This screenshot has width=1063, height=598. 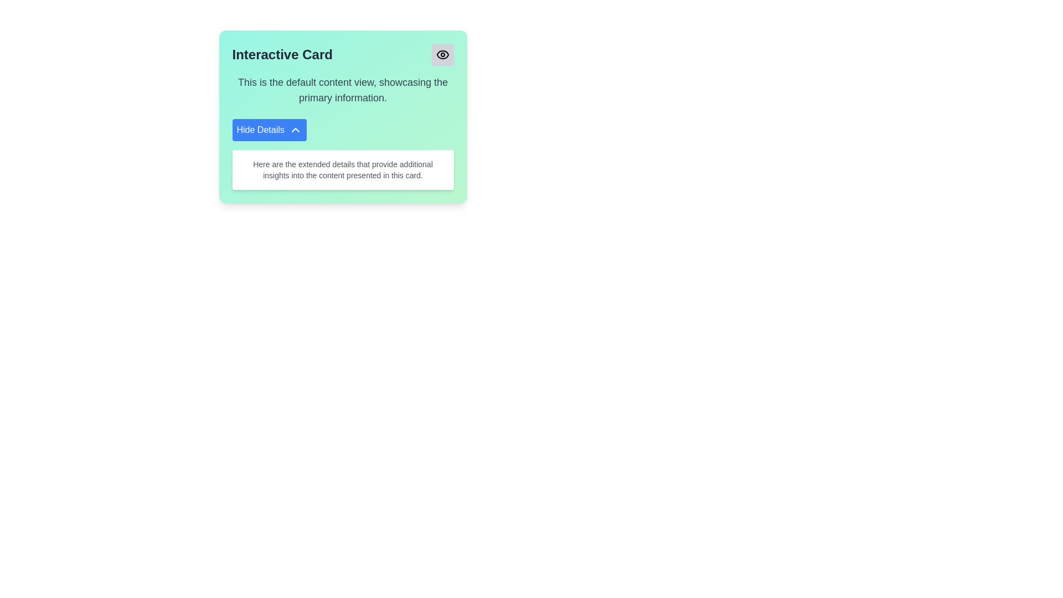 I want to click on the text block that is styled with a significant font size, colored in a neutral tone, and located below the title 'Interactive Card', so click(x=342, y=89).